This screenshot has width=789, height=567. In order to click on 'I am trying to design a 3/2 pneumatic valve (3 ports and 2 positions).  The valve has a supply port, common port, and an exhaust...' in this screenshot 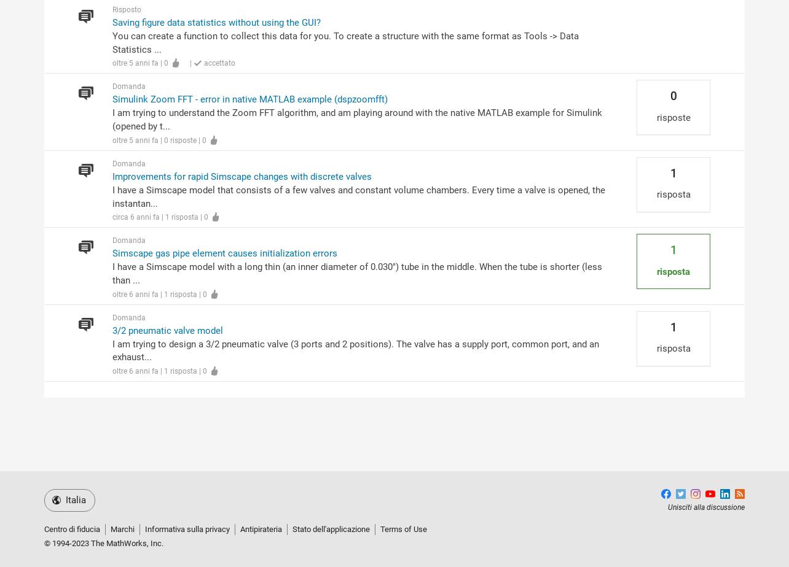, I will do `click(355, 350)`.